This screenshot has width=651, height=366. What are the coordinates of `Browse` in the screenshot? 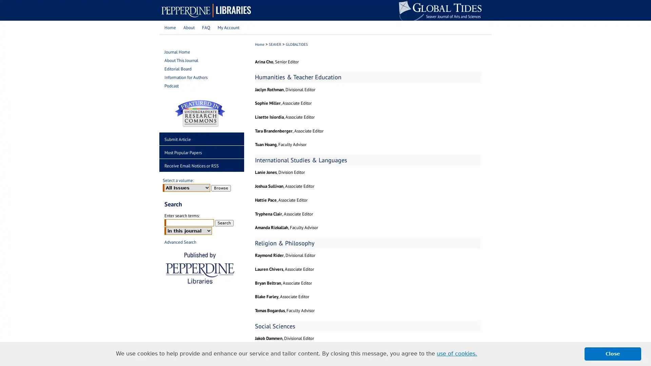 It's located at (221, 188).